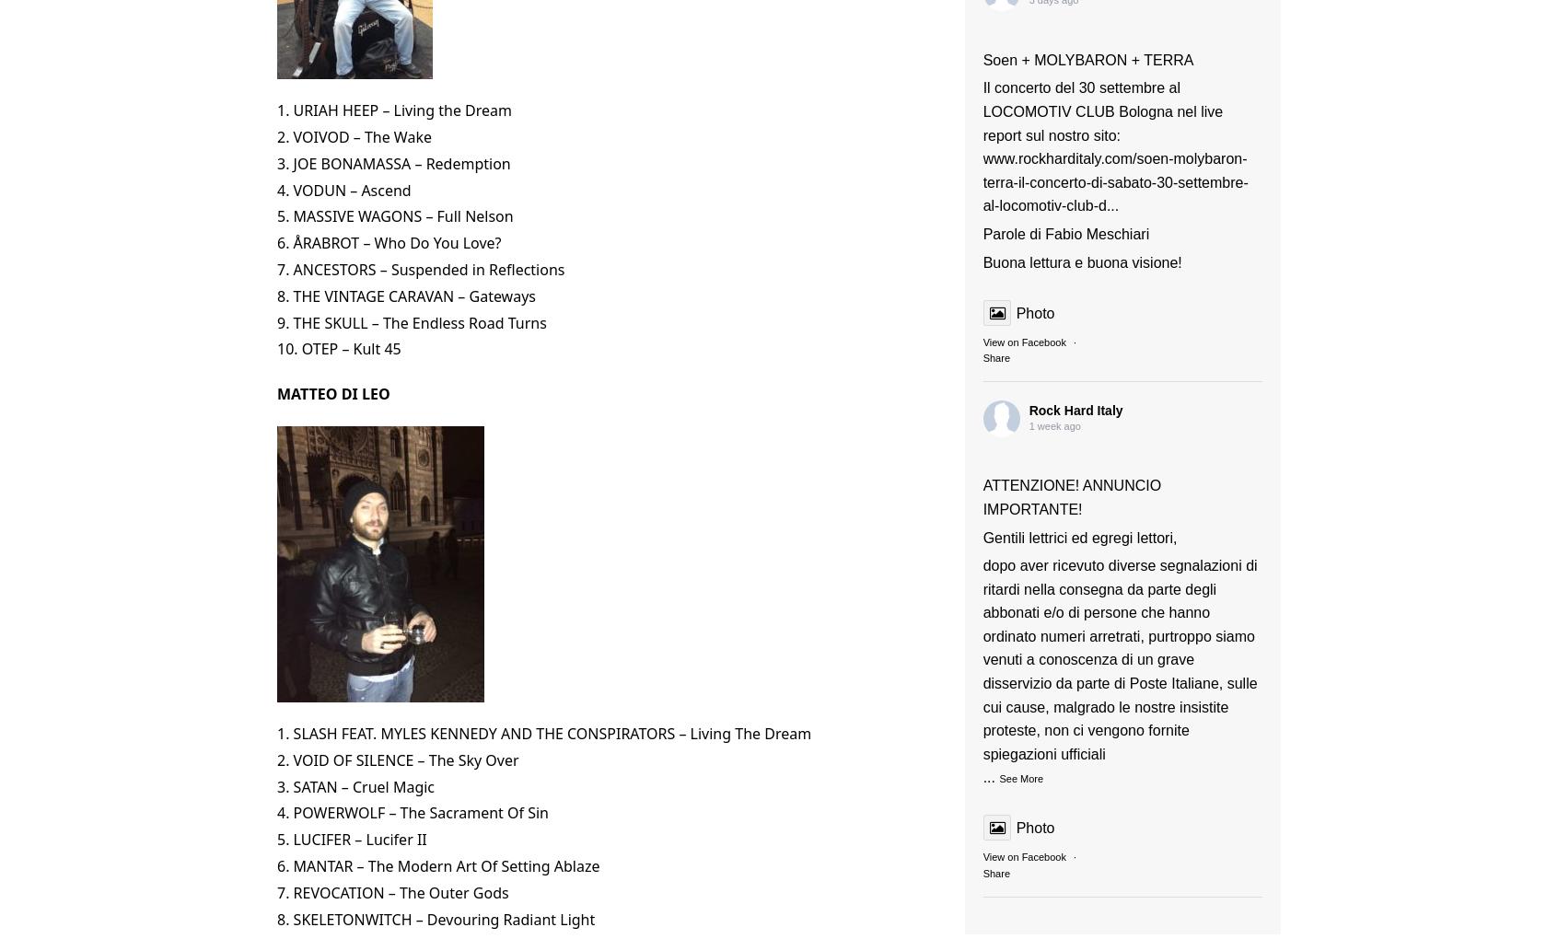  I want to click on '8. THE VINTAGE CARAVAN – Gateways', so click(405, 295).